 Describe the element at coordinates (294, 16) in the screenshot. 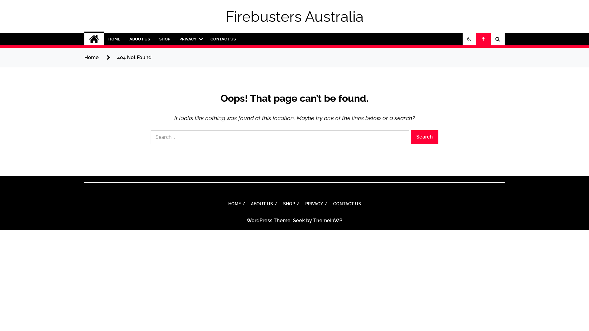

I see `'Firebusters Australia'` at that location.